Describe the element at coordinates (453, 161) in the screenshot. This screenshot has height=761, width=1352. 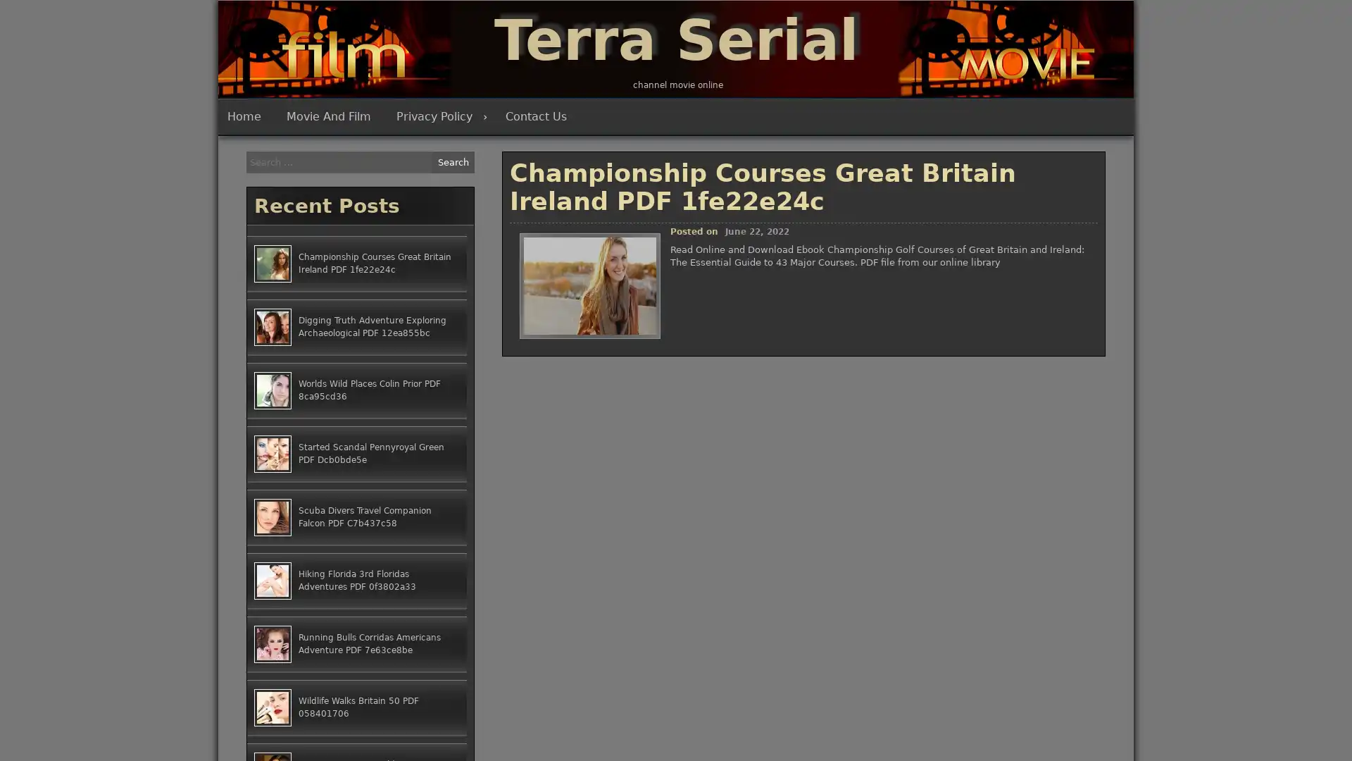
I see `Search` at that location.